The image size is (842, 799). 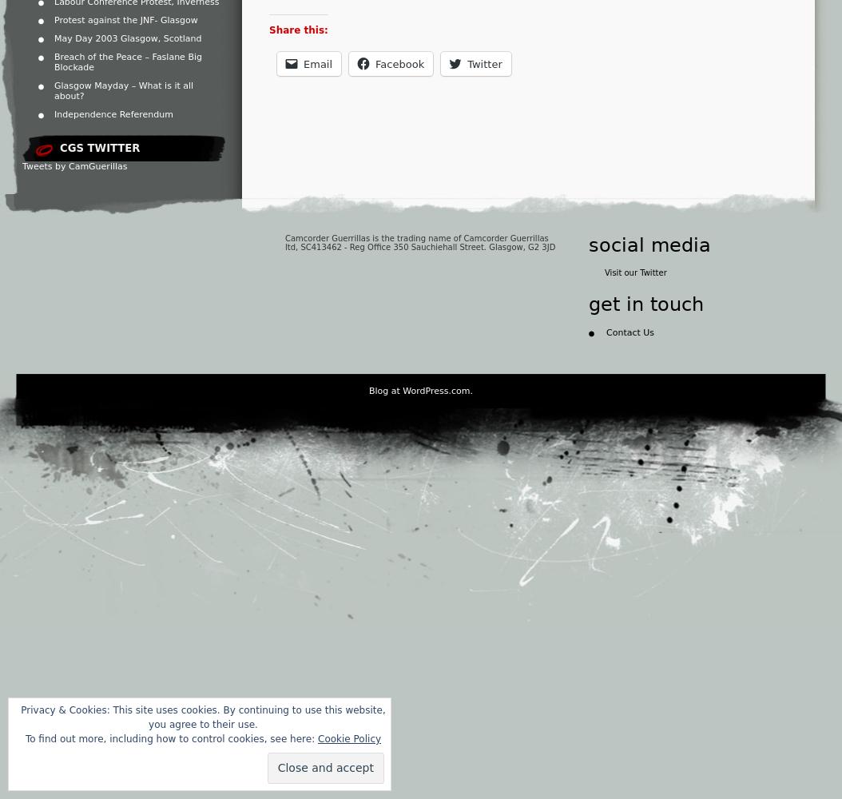 What do you see at coordinates (368, 390) in the screenshot?
I see `'Blog at WordPress.com.'` at bounding box center [368, 390].